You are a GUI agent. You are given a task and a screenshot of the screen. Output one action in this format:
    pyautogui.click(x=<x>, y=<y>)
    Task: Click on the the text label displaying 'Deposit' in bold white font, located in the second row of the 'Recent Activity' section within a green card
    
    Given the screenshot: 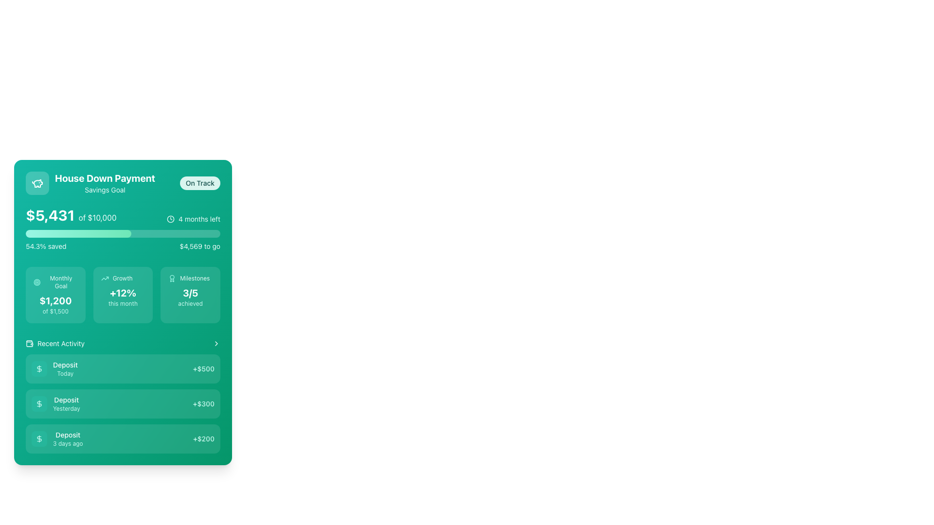 What is the action you would take?
    pyautogui.click(x=66, y=400)
    